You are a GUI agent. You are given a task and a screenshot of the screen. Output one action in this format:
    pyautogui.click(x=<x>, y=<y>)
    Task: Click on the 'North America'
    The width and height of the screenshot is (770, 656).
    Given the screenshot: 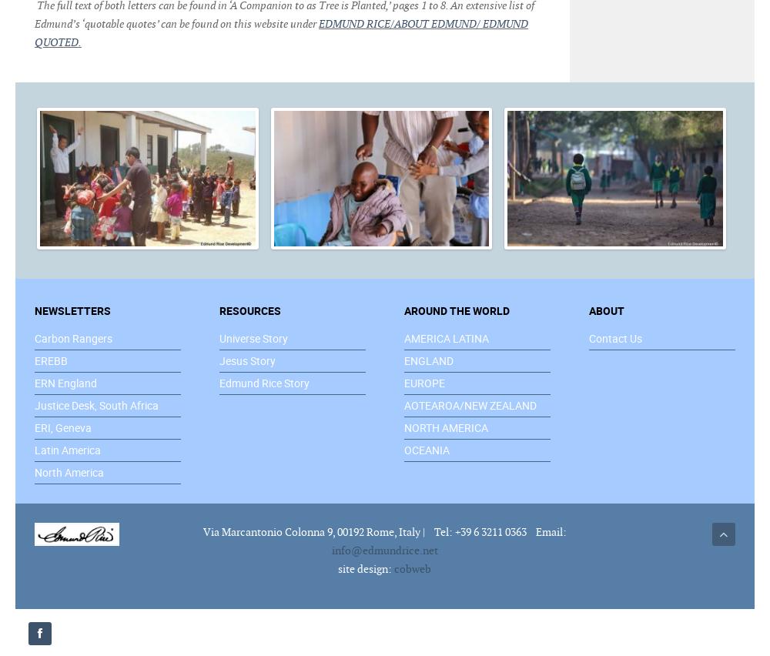 What is the action you would take?
    pyautogui.click(x=69, y=471)
    